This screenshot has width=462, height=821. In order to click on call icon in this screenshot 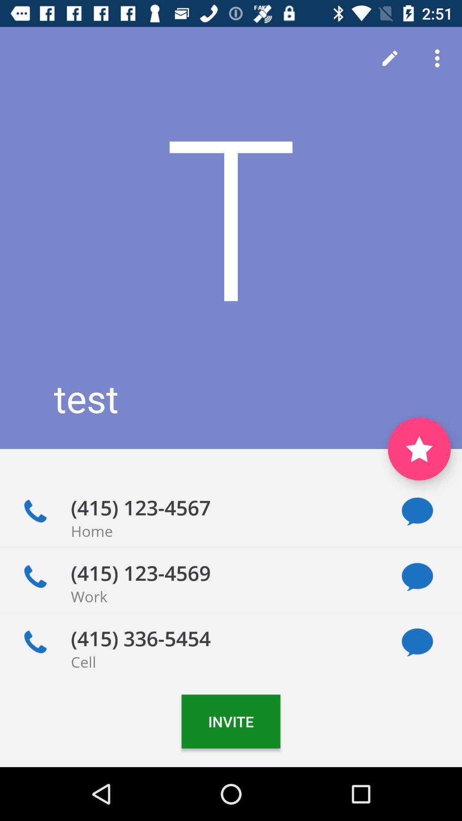, I will do `click(35, 577)`.